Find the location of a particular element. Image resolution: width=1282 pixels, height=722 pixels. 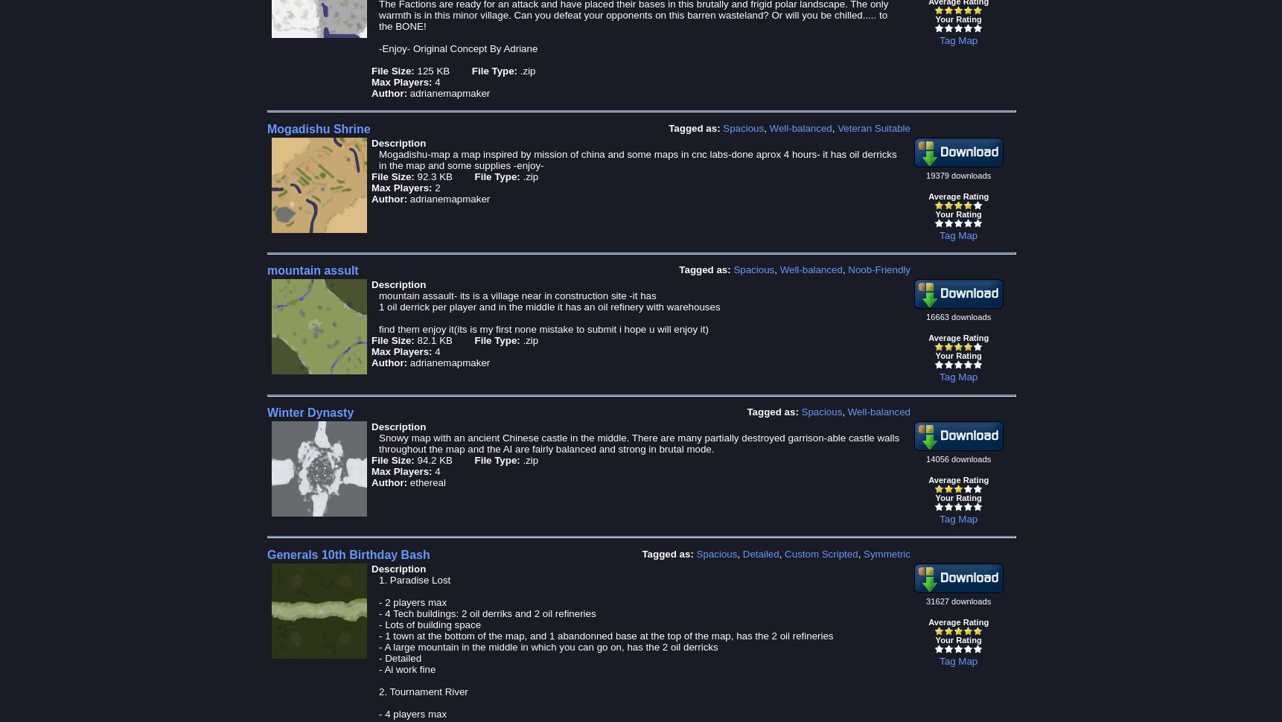

'1 oil derrick per player and in the middle it has an oil refinery with warehouses' is located at coordinates (549, 307).